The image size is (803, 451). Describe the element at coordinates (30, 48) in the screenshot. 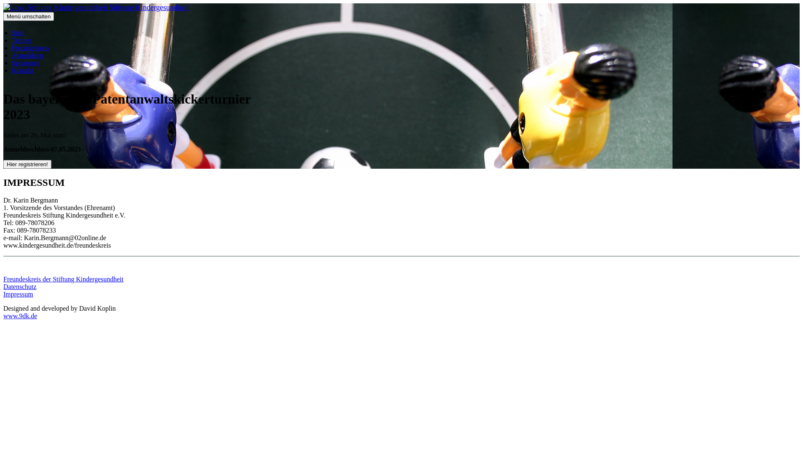

I see `'Freundeskreis'` at that location.